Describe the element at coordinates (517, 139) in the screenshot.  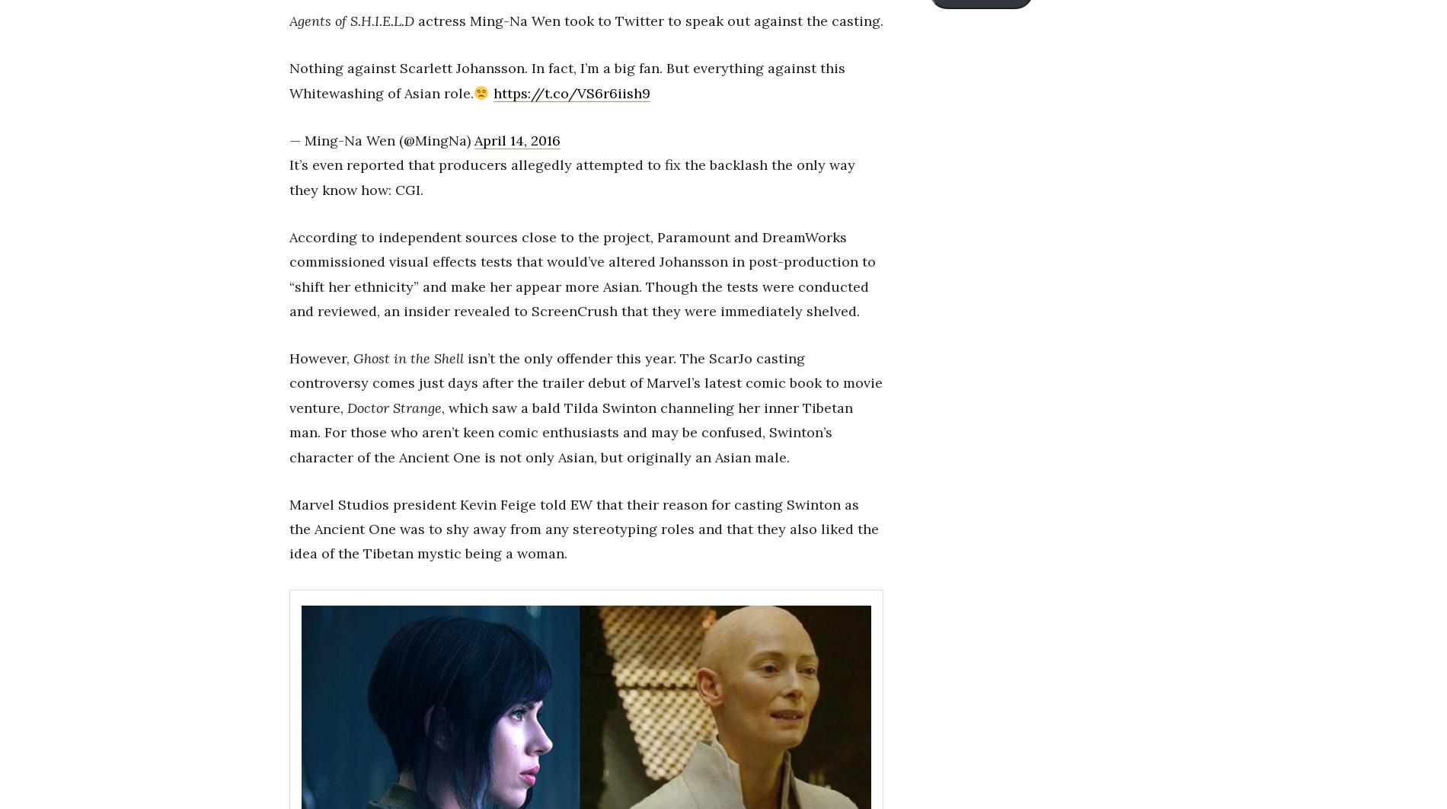
I see `'April 14, 2016'` at that location.